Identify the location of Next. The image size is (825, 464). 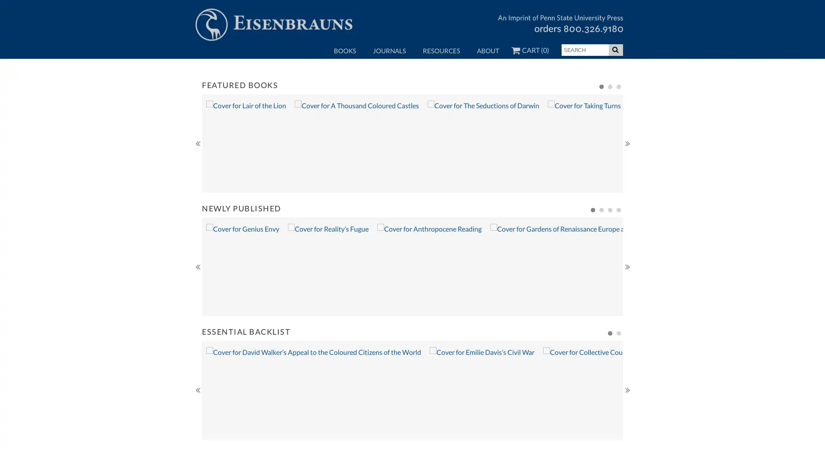
(627, 143).